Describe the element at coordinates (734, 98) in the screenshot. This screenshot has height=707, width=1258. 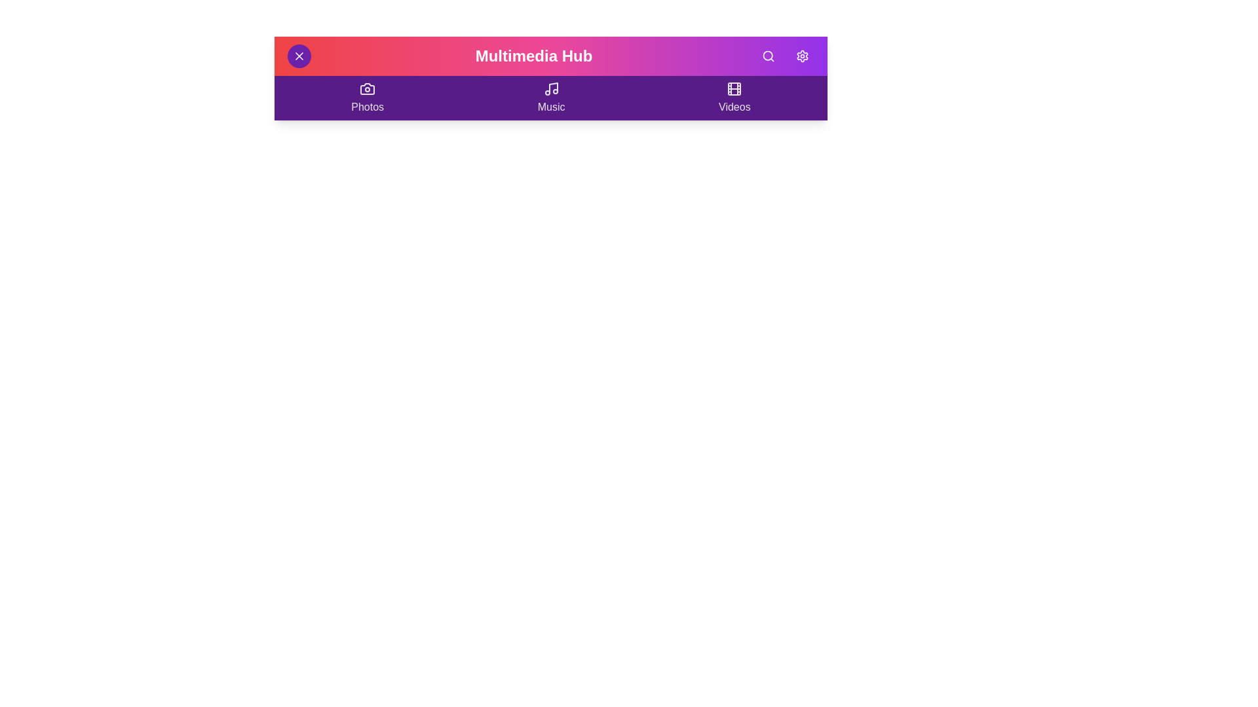
I see `the 'Videos' section to navigate to it` at that location.